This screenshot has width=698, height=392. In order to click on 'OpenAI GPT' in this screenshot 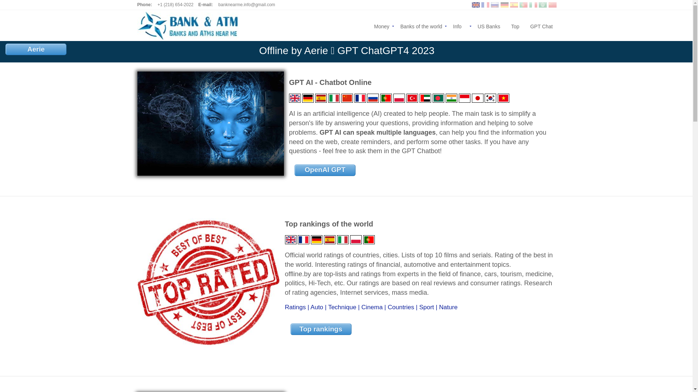, I will do `click(324, 170)`.